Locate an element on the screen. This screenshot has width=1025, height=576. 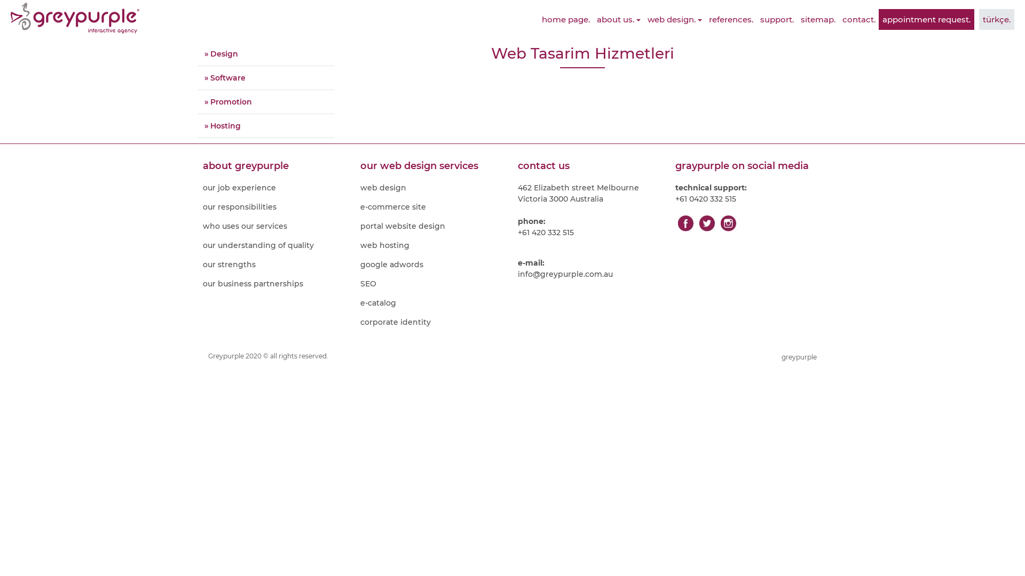
'sitemap.' is located at coordinates (817, 19).